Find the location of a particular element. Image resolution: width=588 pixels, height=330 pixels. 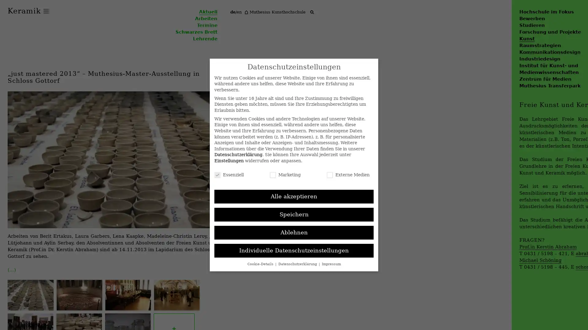

Datenschutzerklarung is located at coordinates (298, 263).